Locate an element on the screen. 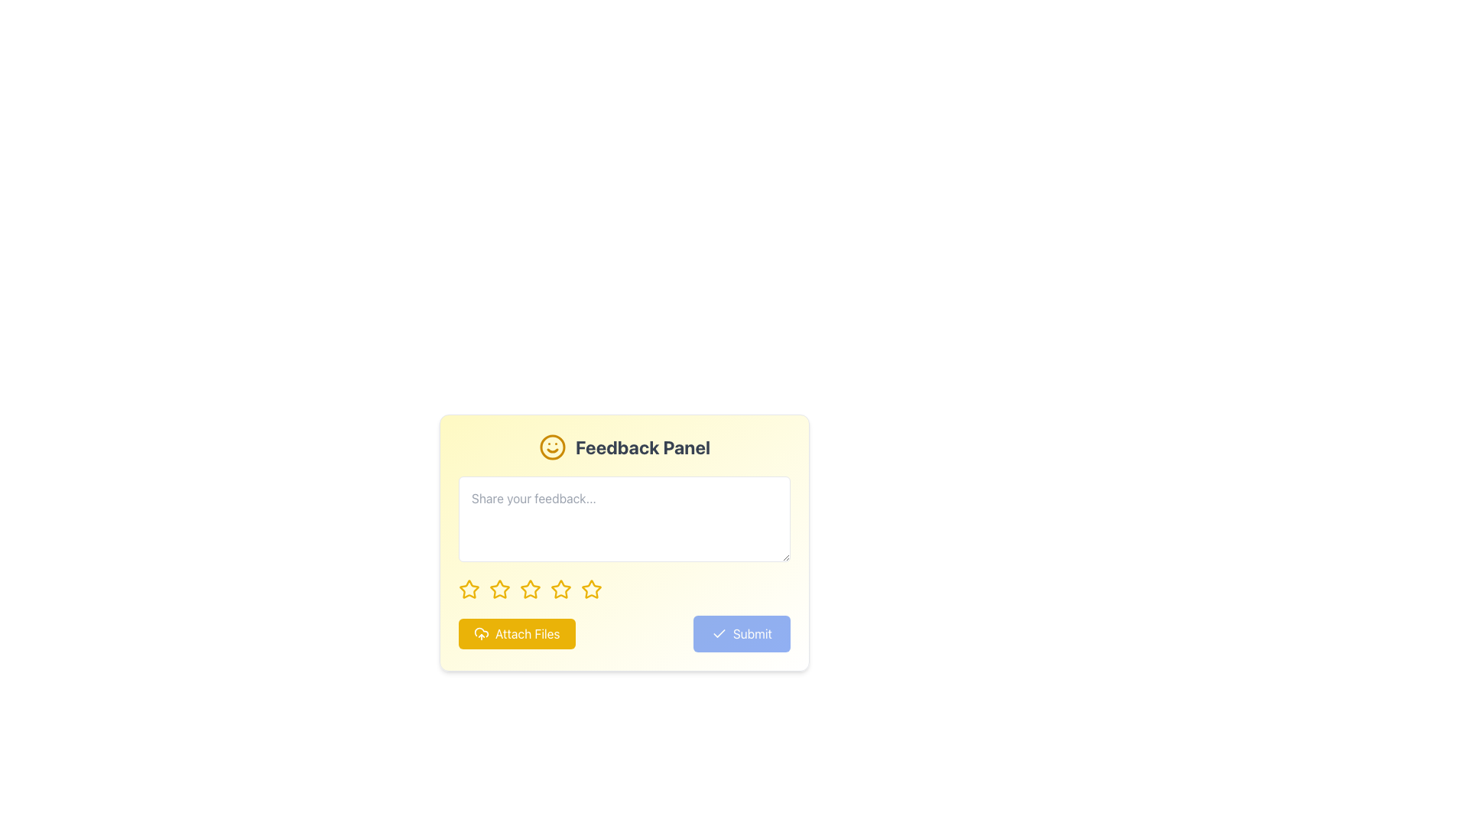 Image resolution: width=1468 pixels, height=826 pixels. the blue rectangular 'Submit' button with a white checkmark icon, which is currently in a disabled state, located at the bottom right corner of the feedback submission panel is located at coordinates (742, 634).